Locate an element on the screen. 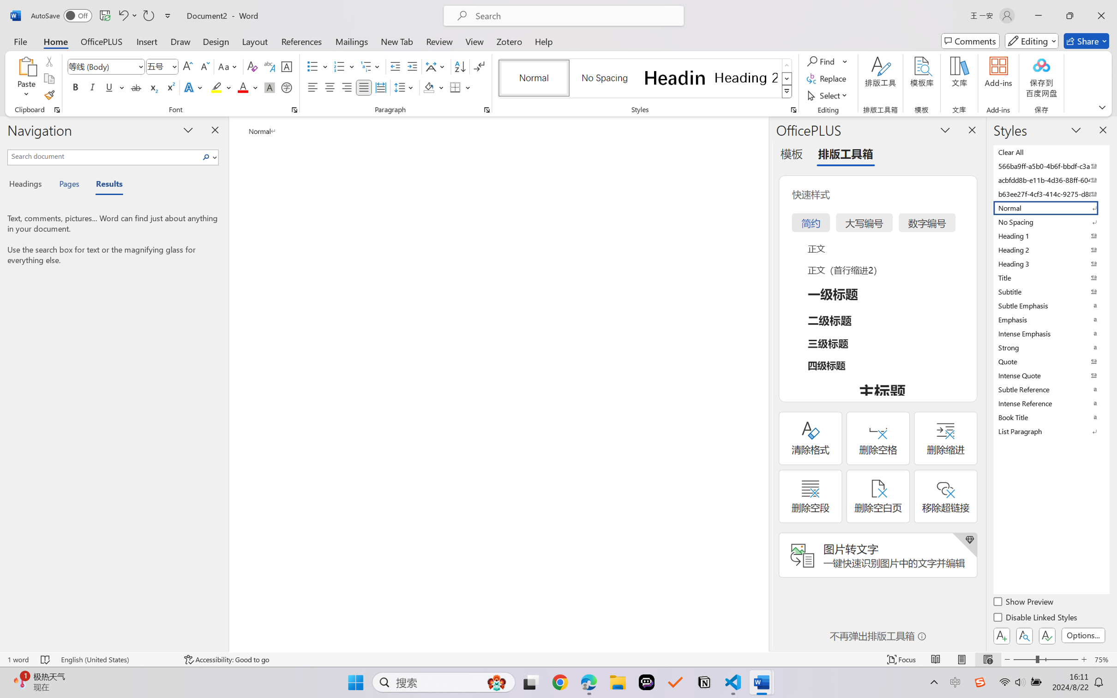 This screenshot has height=698, width=1117. 'Subtitle' is located at coordinates (1050, 291).